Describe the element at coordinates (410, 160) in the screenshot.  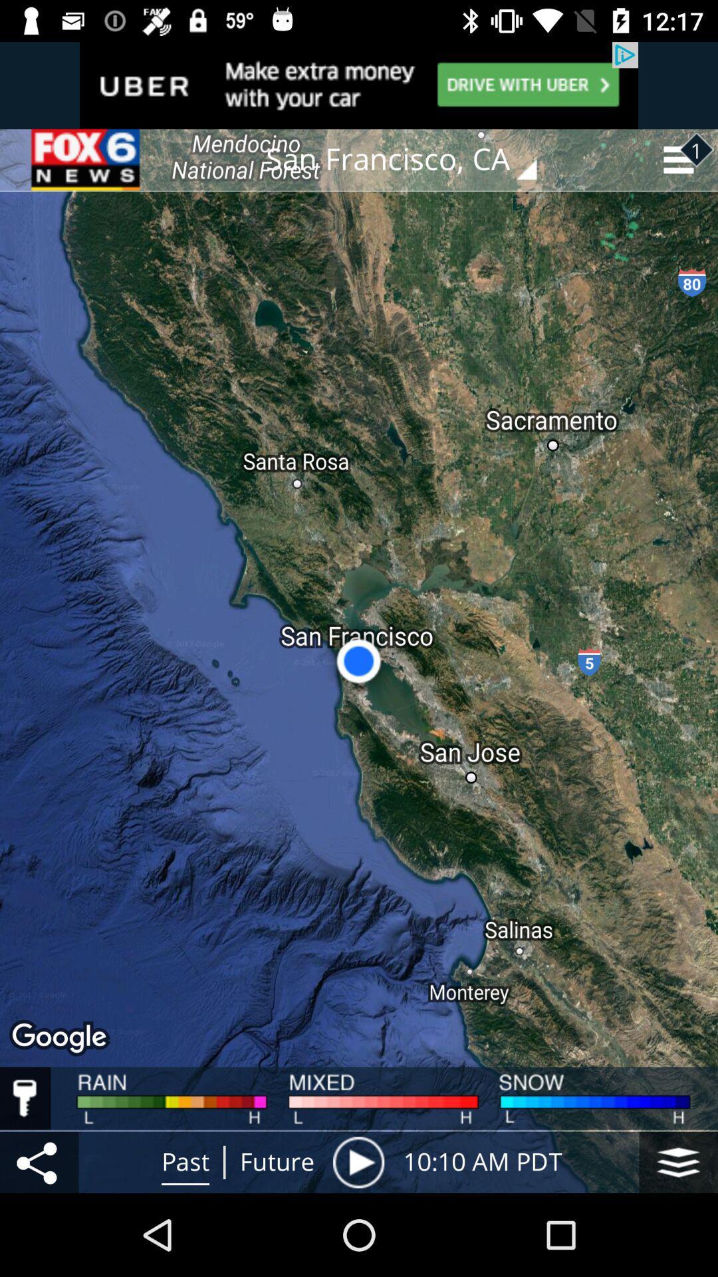
I see `the san francisco, ca icon` at that location.